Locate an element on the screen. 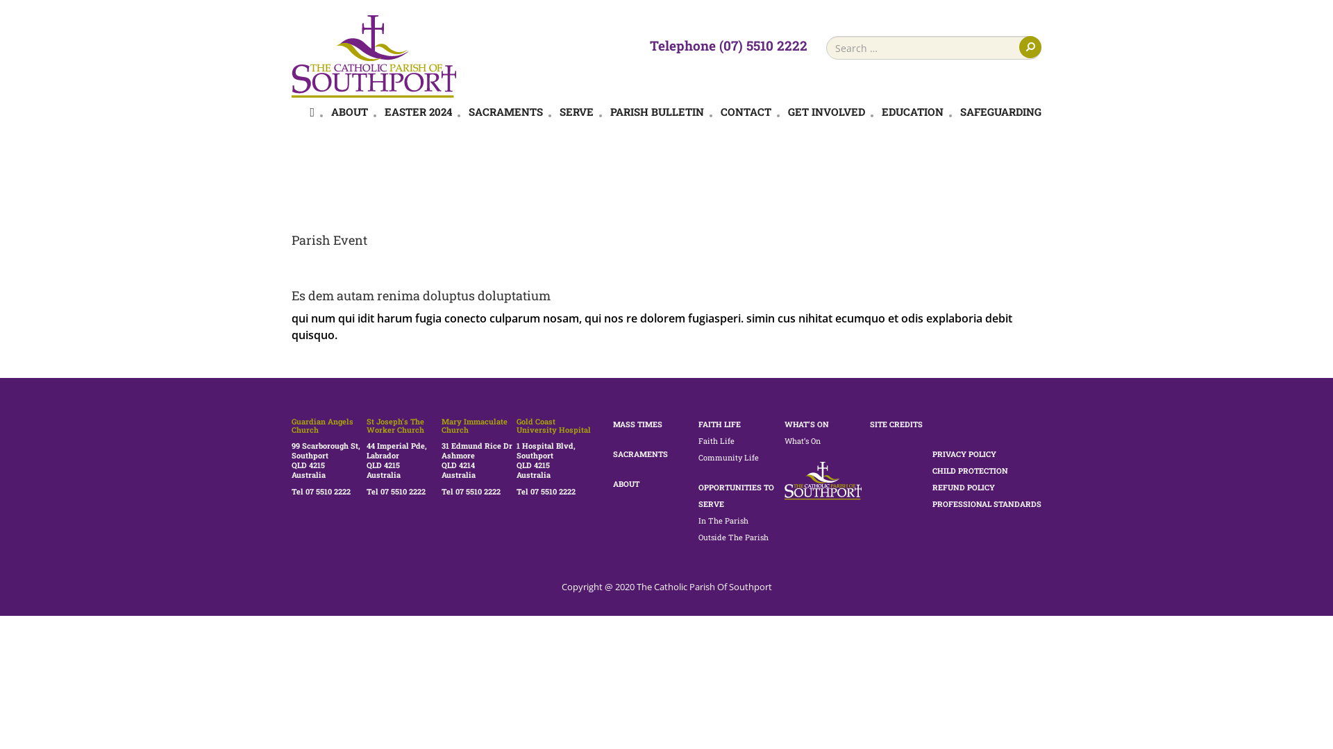 Image resolution: width=1333 pixels, height=749 pixels. 'PARISH BULLETIN' is located at coordinates (656, 111).